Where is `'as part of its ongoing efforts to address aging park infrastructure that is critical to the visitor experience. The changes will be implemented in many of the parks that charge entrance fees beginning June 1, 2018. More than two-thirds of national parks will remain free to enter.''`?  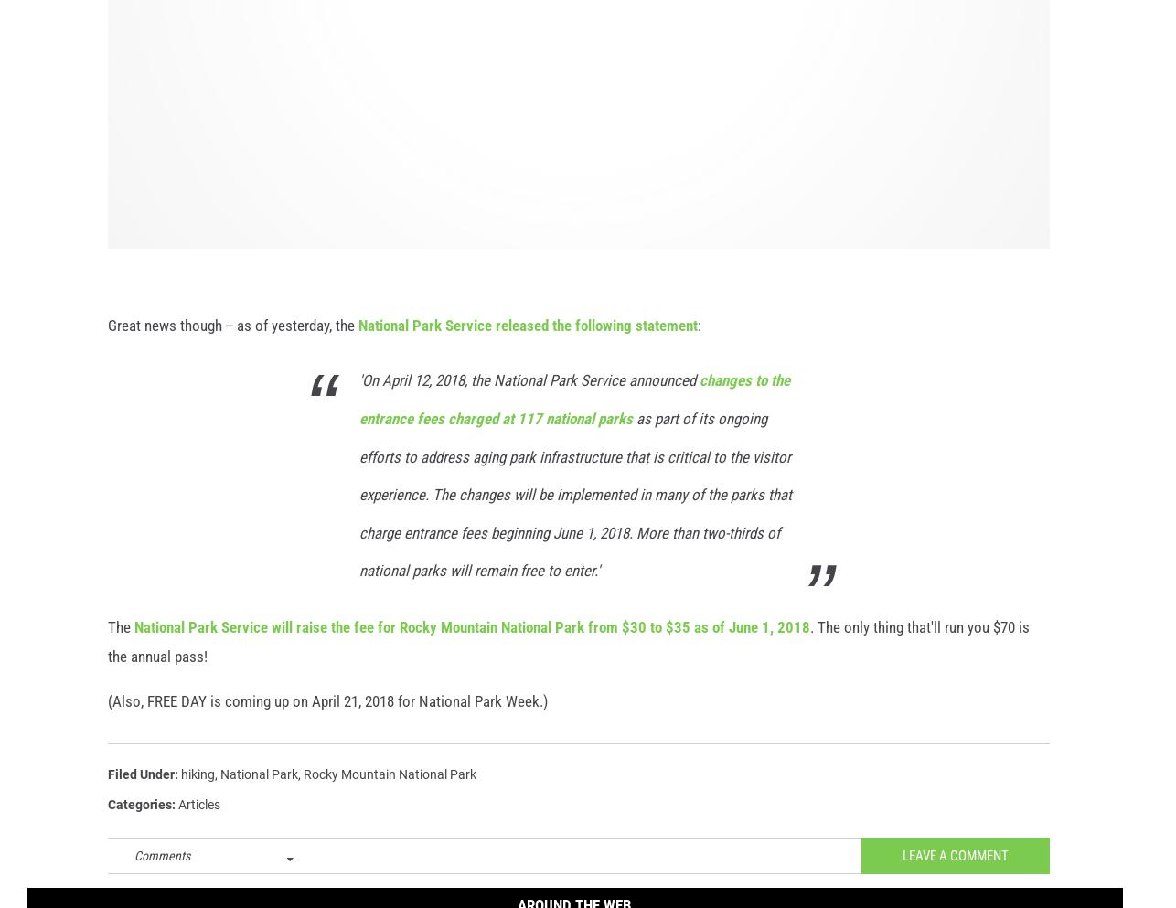
'as part of its ongoing efforts to address aging park infrastructure that is critical to the visitor experience. The changes will be implemented in many of the parks that charge entrance fees beginning June 1, 2018. More than two-thirds of national parks will remain free to enter.'' is located at coordinates (358, 514).